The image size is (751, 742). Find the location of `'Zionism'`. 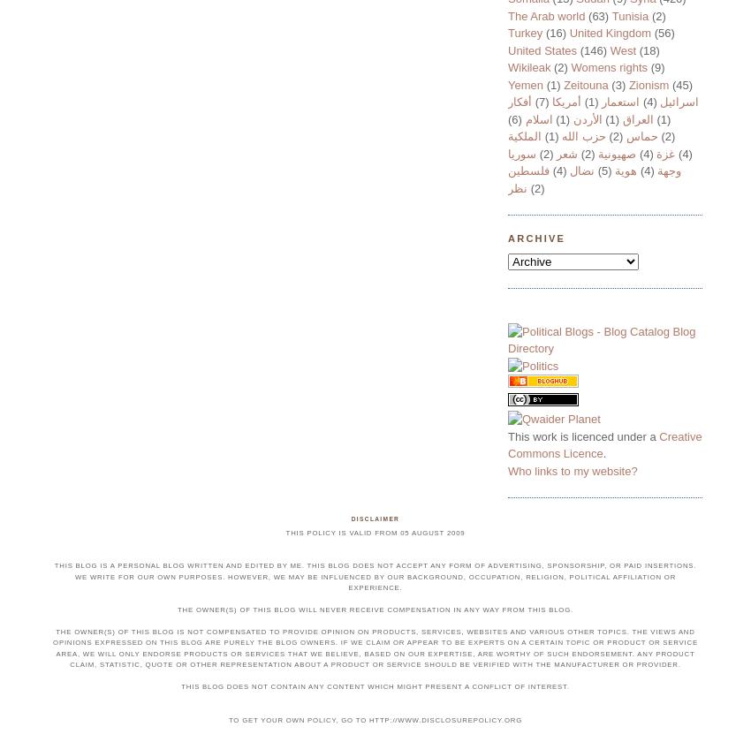

'Zionism' is located at coordinates (648, 84).